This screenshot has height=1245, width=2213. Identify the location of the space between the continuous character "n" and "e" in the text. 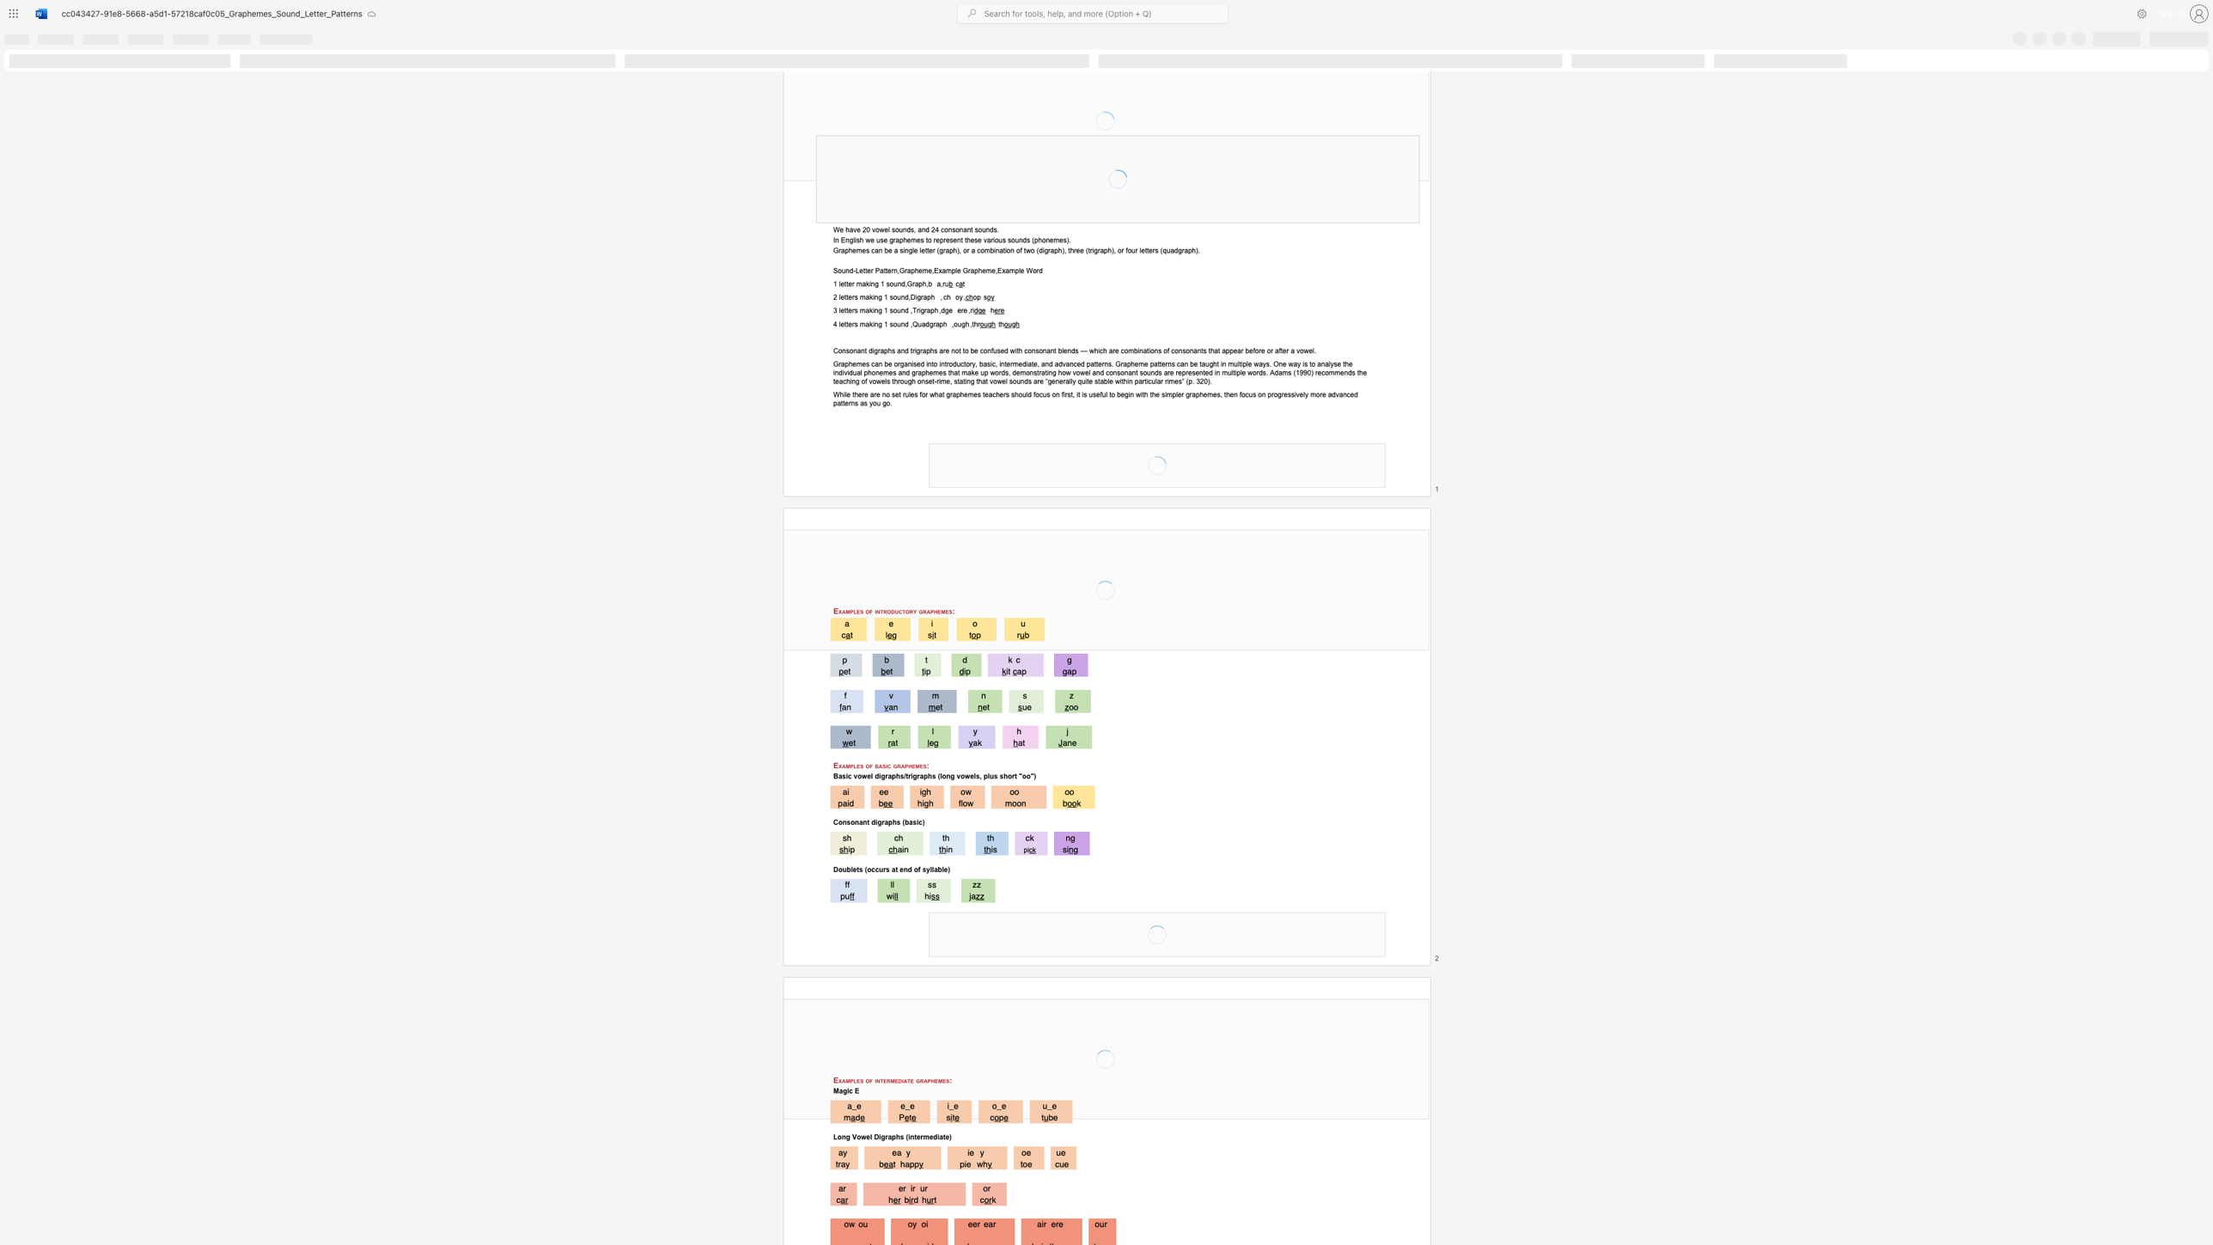
(1050, 239).